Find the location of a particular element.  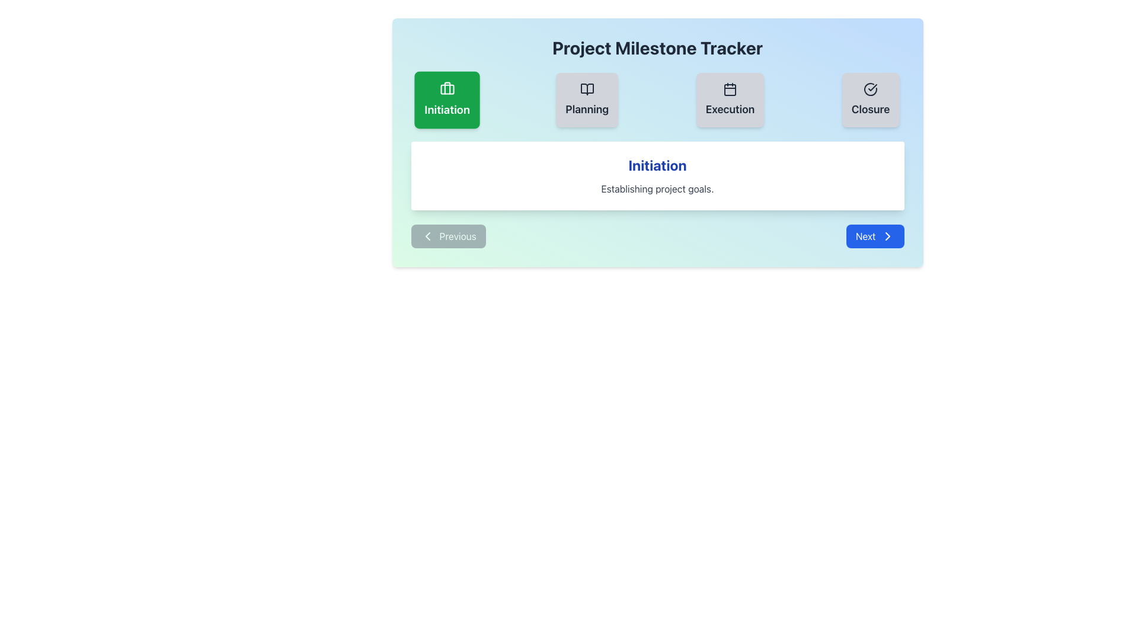

the 'Previous' button, which is visually complemented by the backward action icon located on its left side is located at coordinates (427, 236).